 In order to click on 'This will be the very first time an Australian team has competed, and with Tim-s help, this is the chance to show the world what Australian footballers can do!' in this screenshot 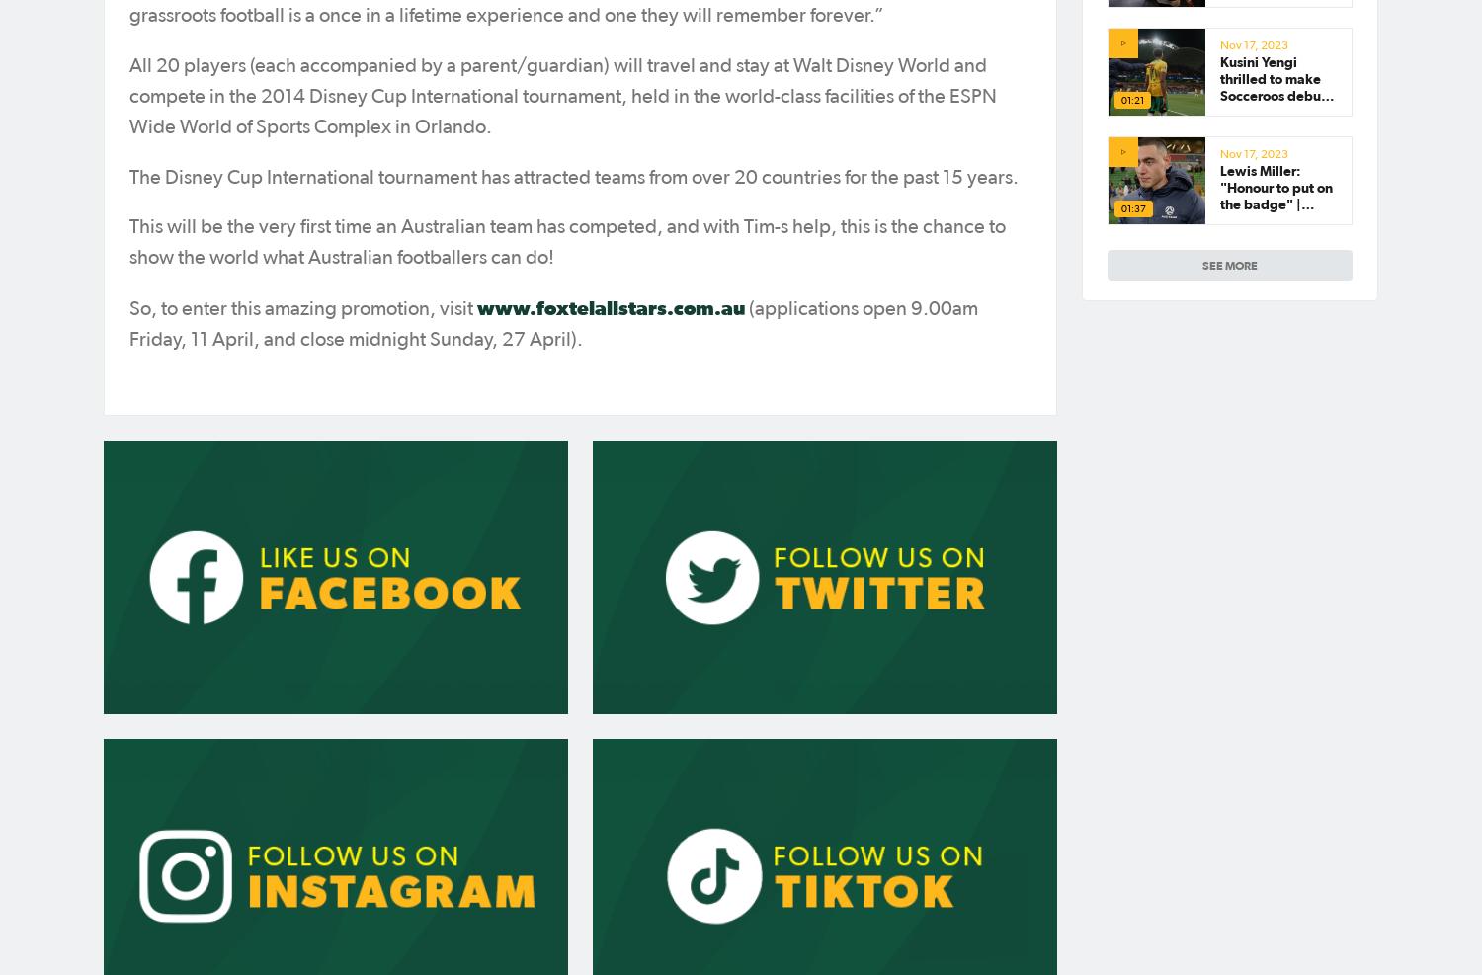, I will do `click(566, 242)`.